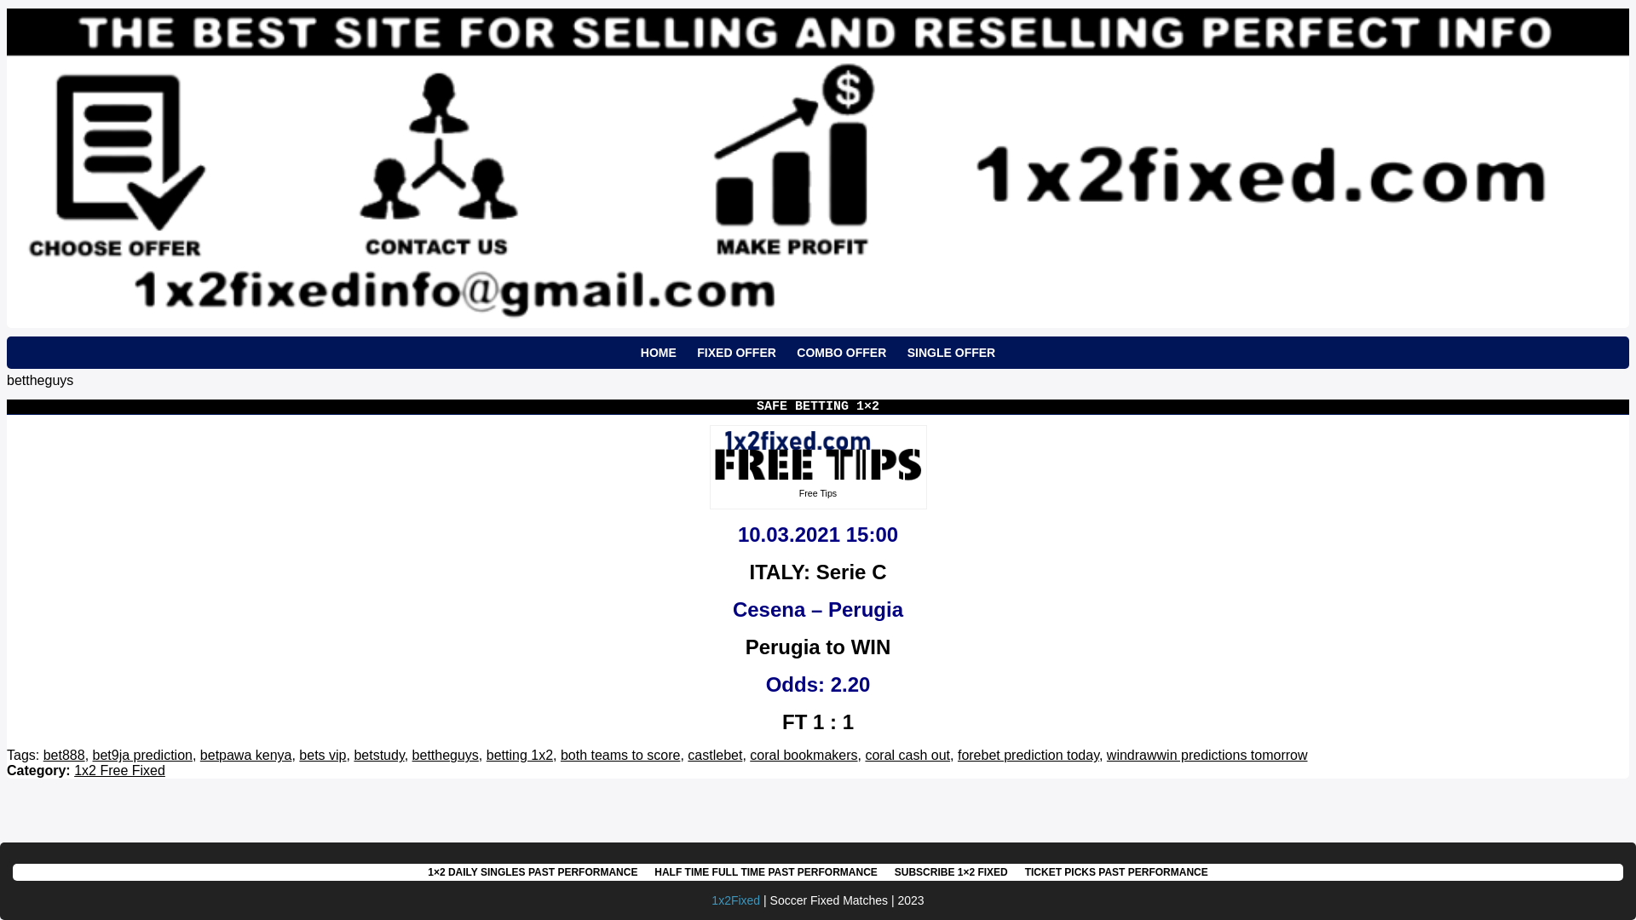 This screenshot has width=1636, height=920. Describe the element at coordinates (950, 351) in the screenshot. I see `'SINGLE OFFER'` at that location.